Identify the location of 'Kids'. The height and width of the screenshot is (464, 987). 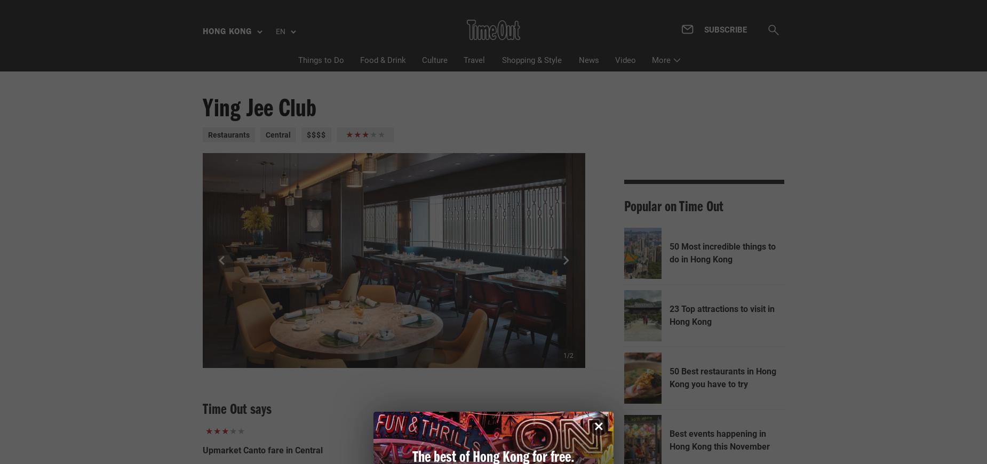
(602, 138).